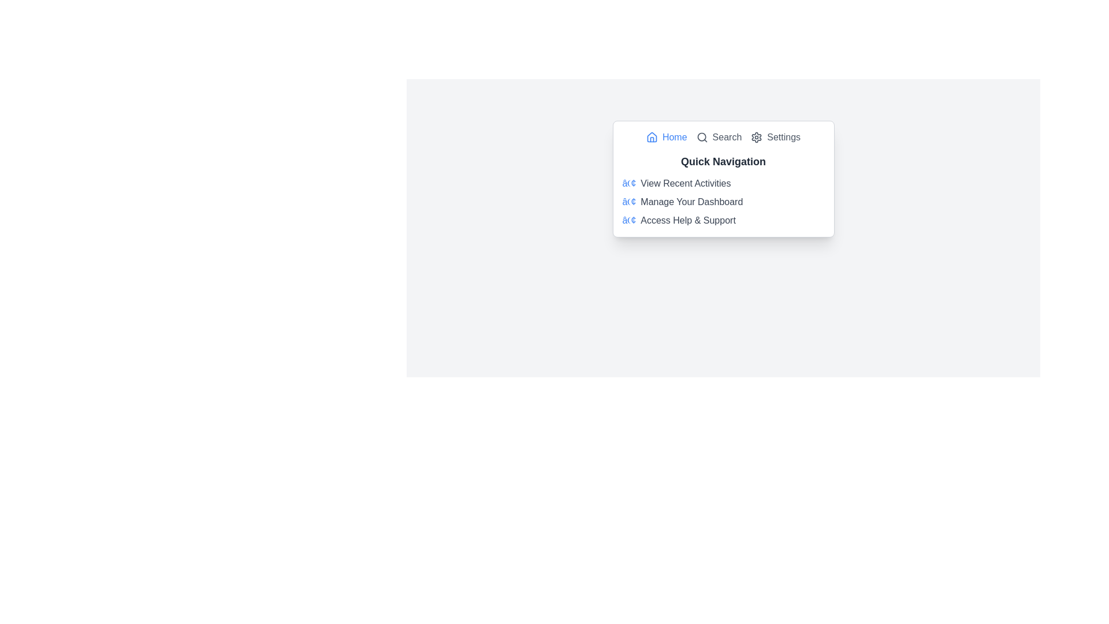 The image size is (1109, 624). I want to click on the 'View Recent Activities' text label, which is the first item in the vertical navigation list under 'Quick Navigation', so click(686, 183).